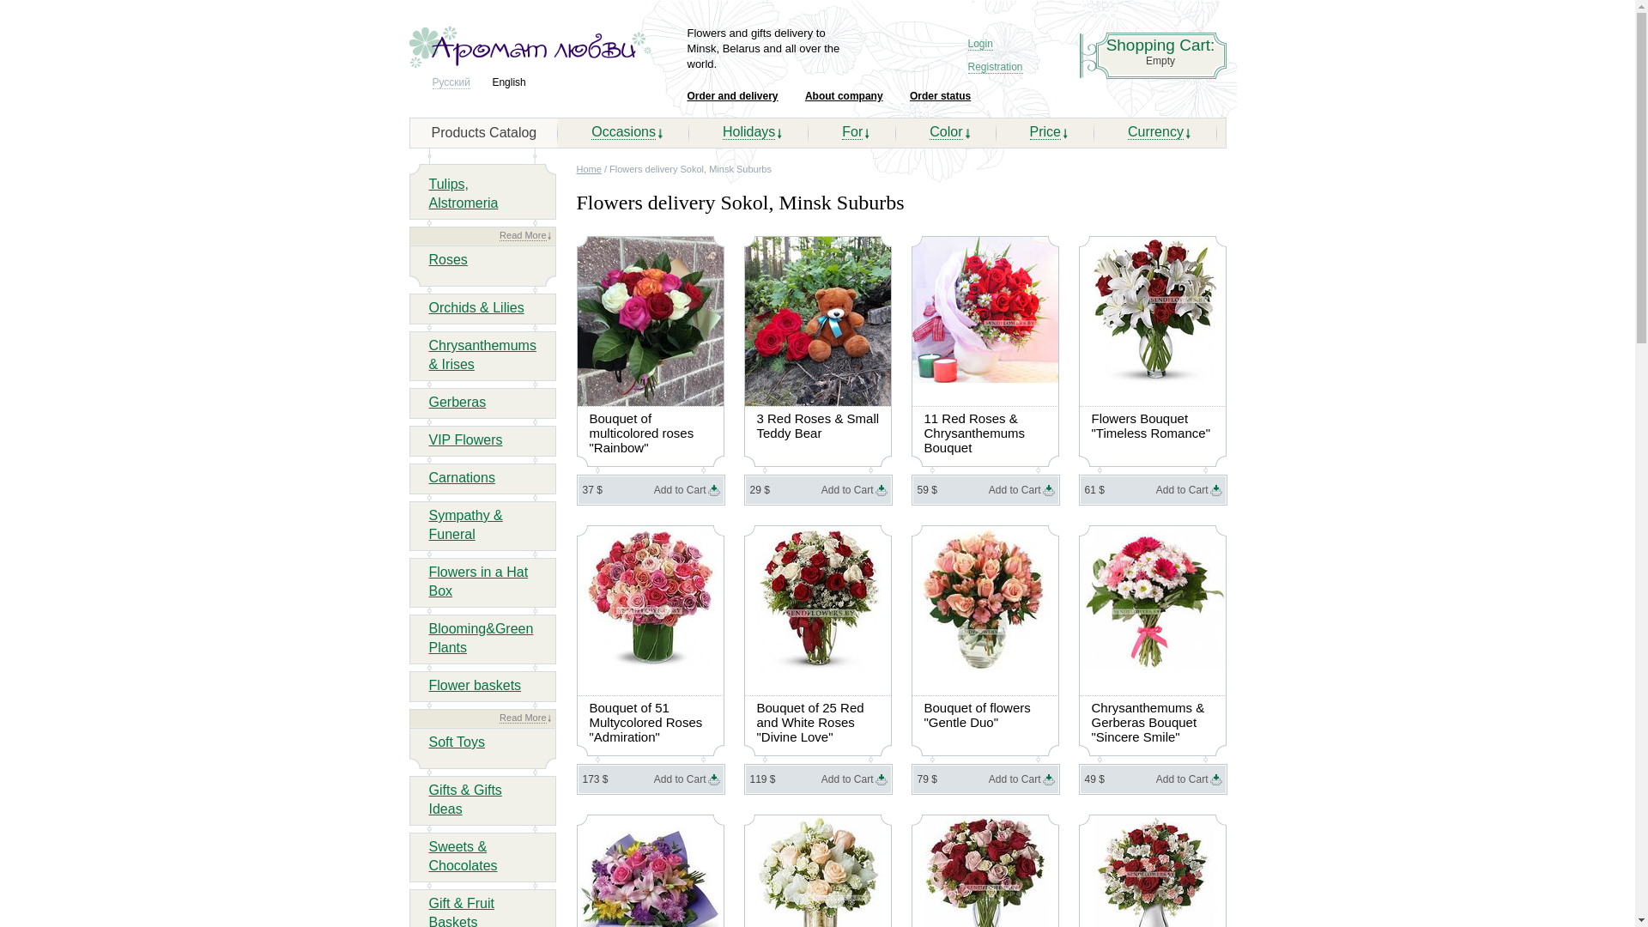  I want to click on 'Sympathy & Funeral', so click(428, 524).